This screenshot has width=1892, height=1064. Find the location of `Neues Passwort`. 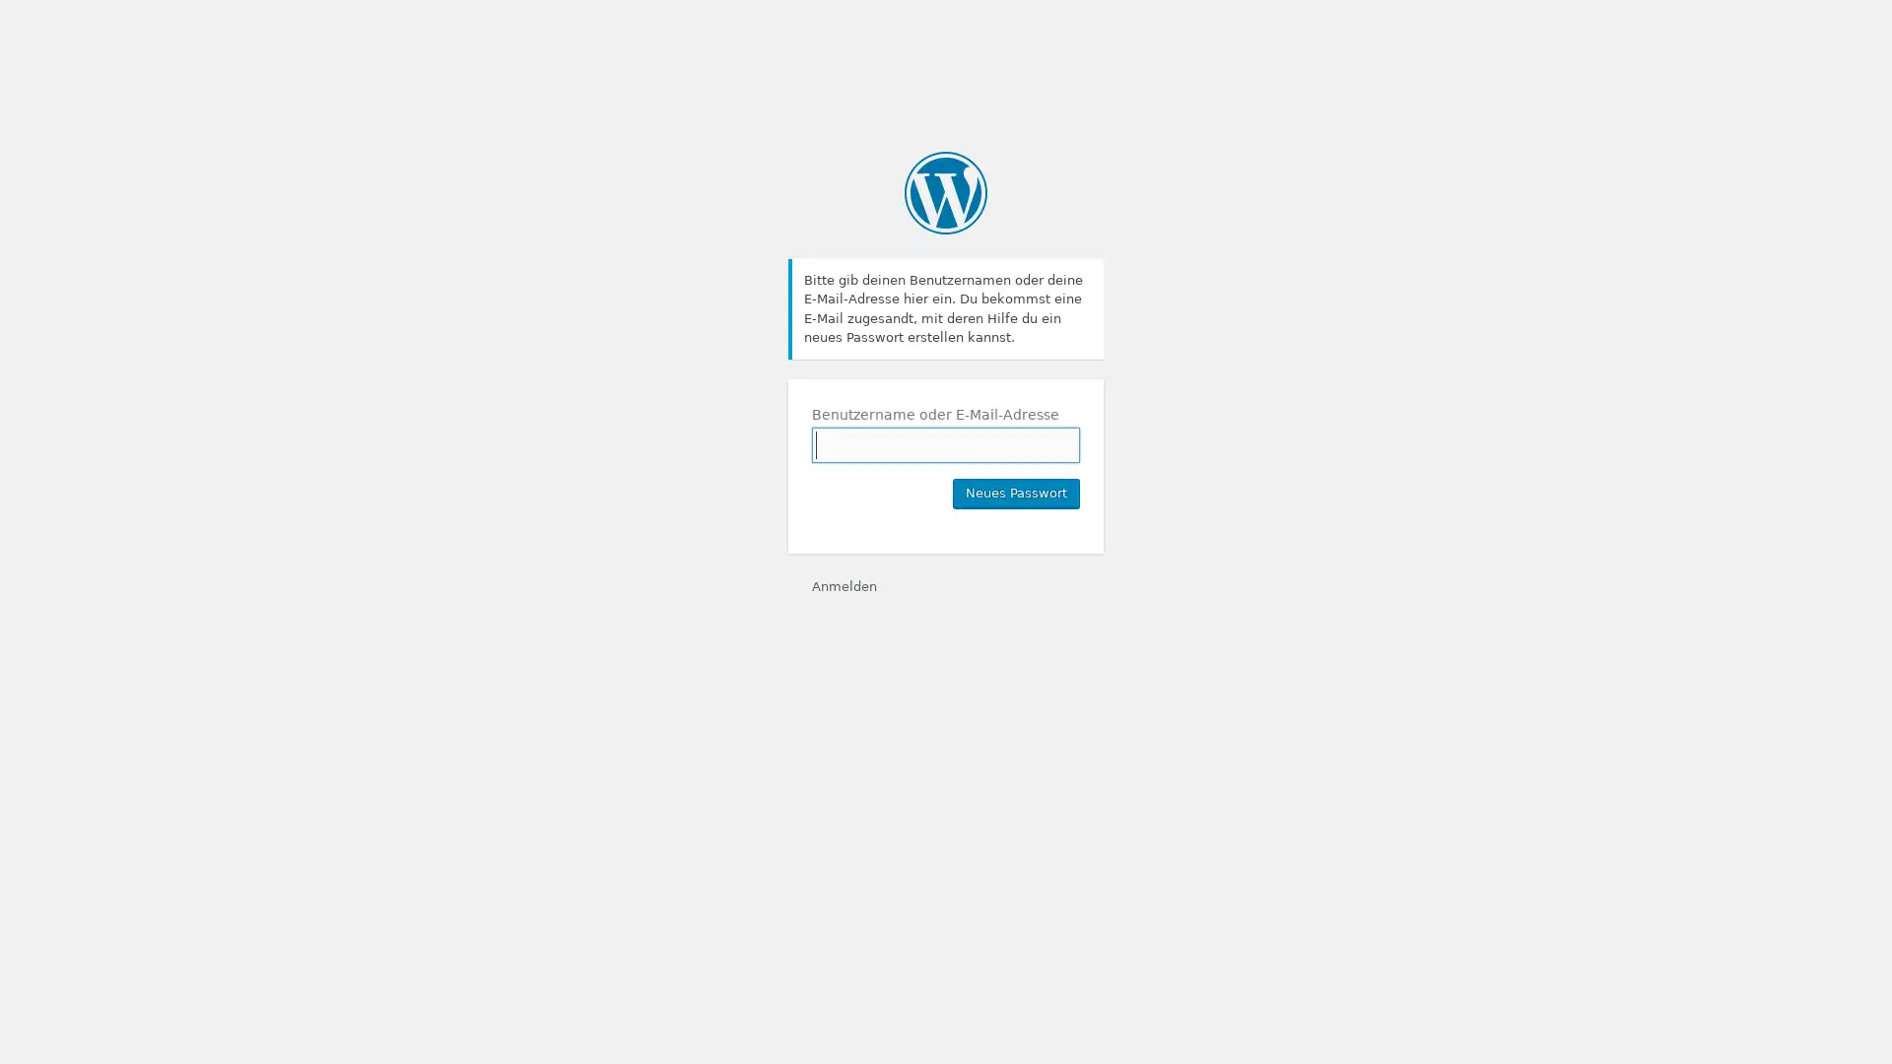

Neues Passwort is located at coordinates (1016, 492).